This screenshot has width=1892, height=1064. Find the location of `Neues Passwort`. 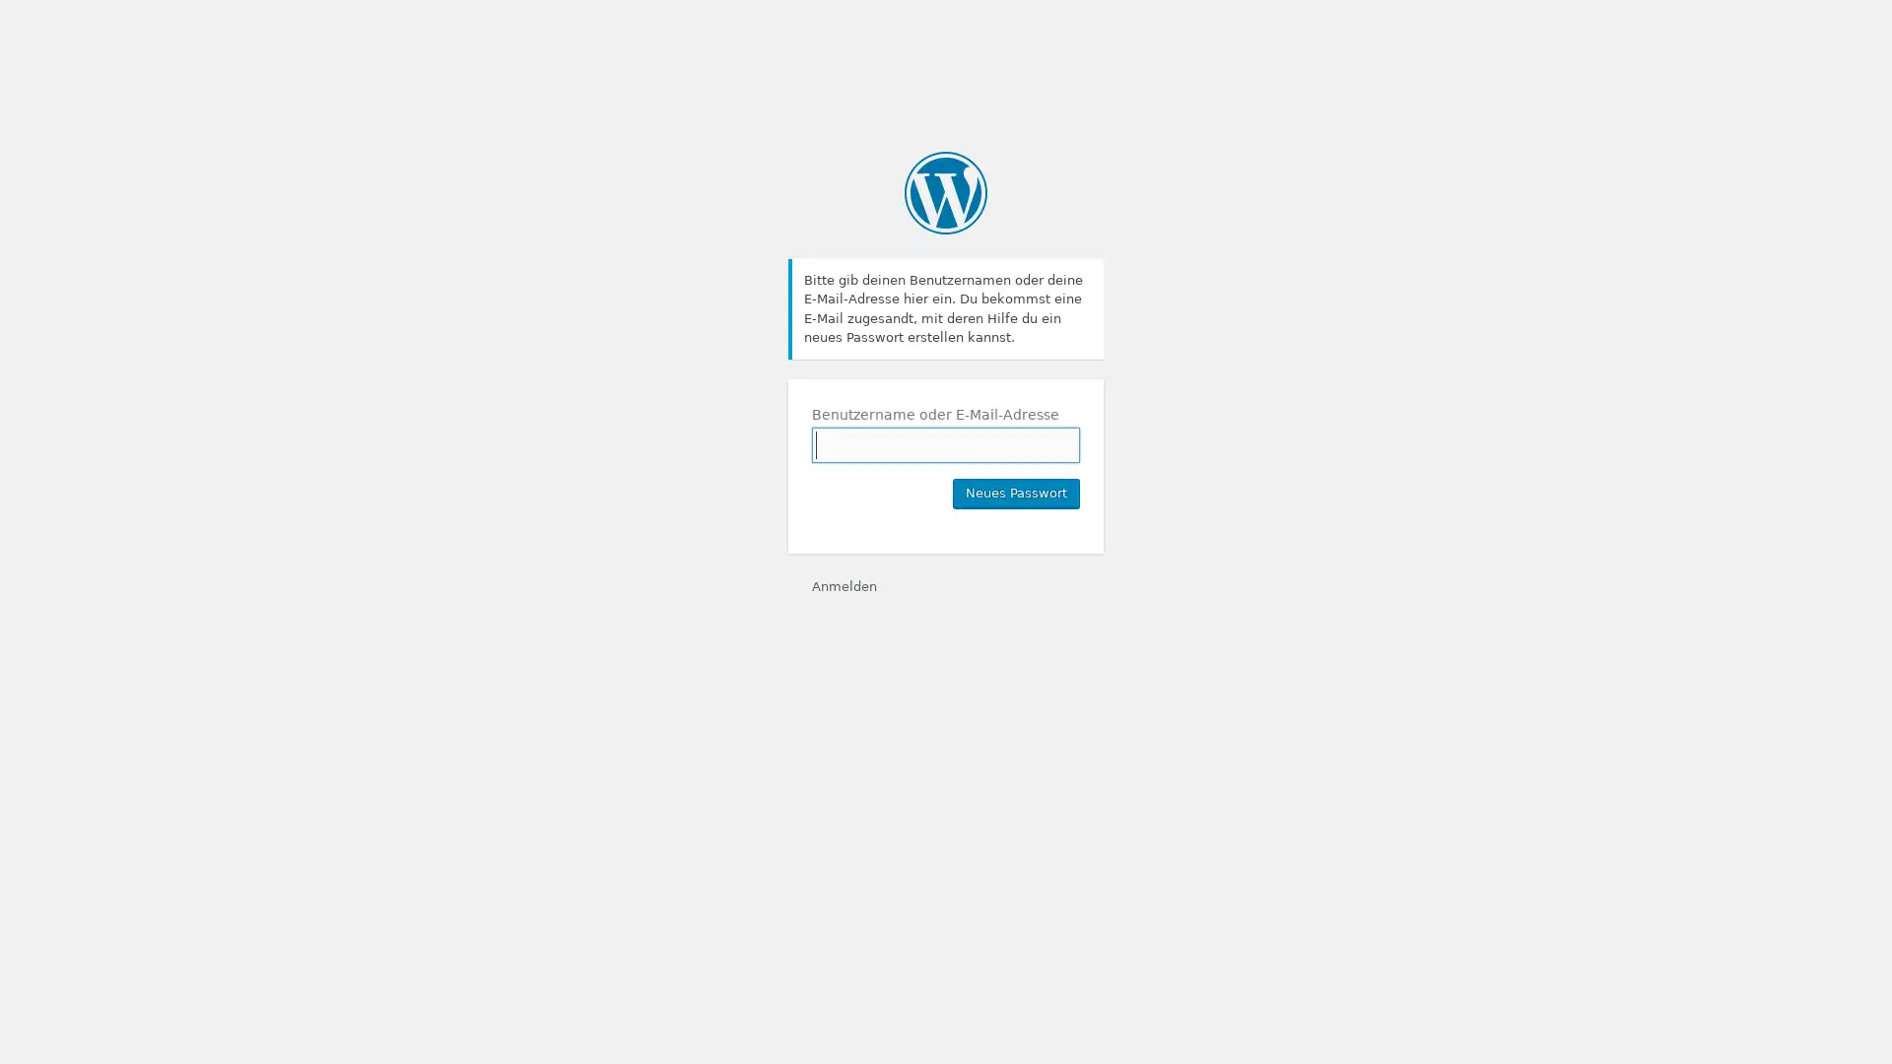

Neues Passwort is located at coordinates (1016, 492).